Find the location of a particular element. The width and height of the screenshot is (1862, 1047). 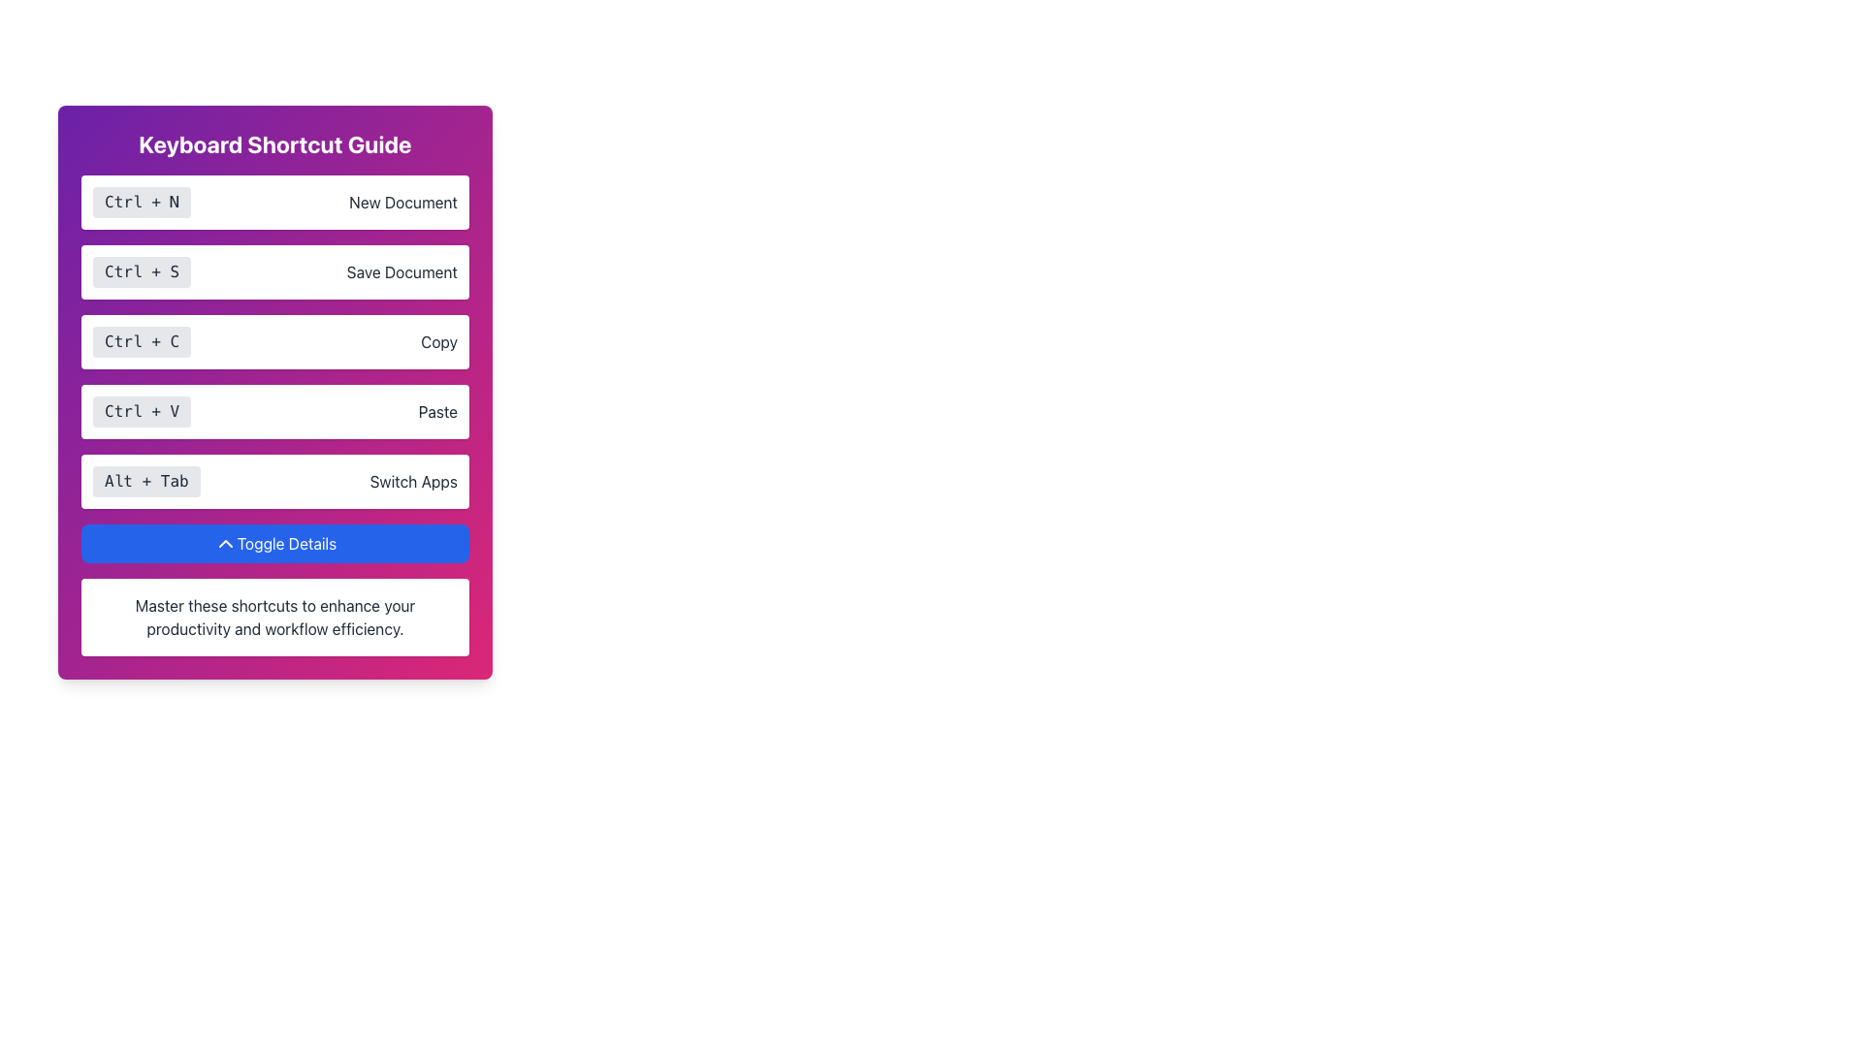

the second entry in the list of keyboard shortcuts that specifies 'Ctrl + S' for saving a document is located at coordinates (273, 272).